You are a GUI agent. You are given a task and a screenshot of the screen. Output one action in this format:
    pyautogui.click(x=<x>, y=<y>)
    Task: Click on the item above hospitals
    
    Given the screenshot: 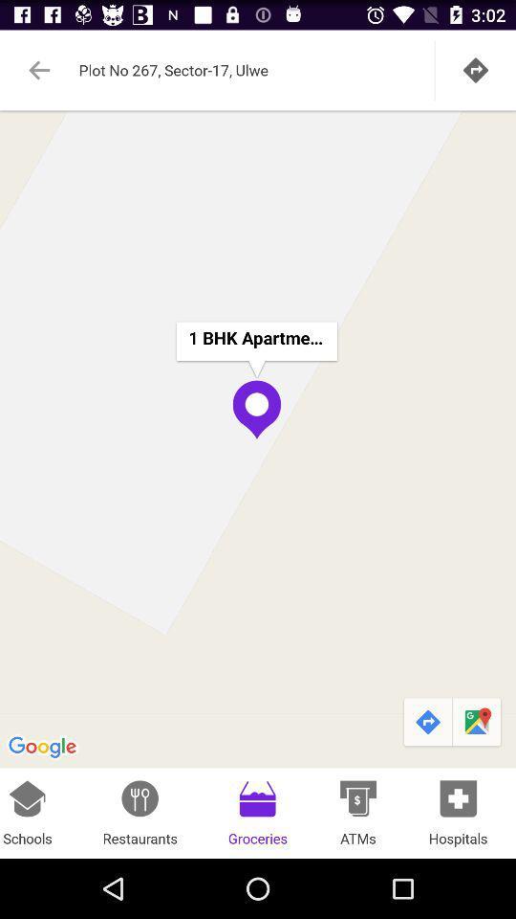 What is the action you would take?
    pyautogui.click(x=427, y=722)
    